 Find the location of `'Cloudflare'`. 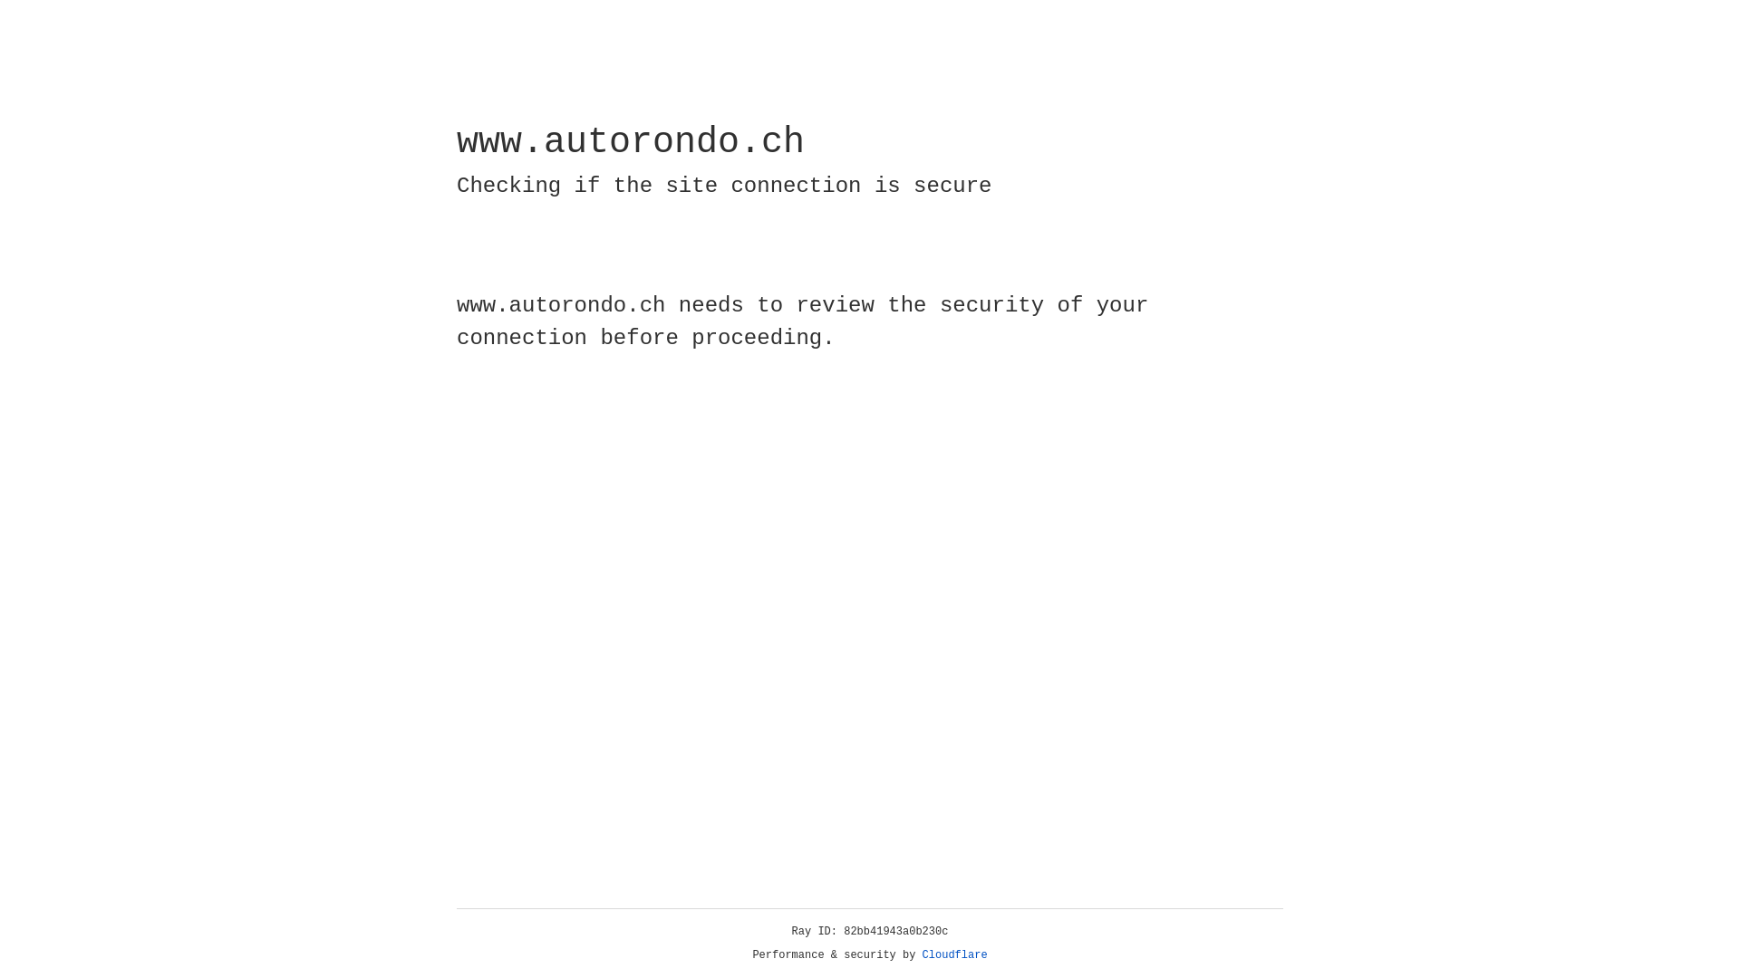

'Cloudflare' is located at coordinates (954, 954).